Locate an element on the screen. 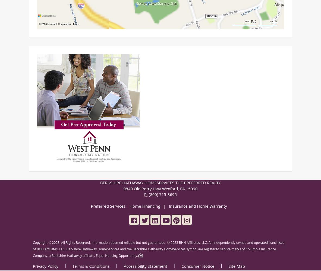 The width and height of the screenshot is (321, 271). 'P:' is located at coordinates (146, 195).